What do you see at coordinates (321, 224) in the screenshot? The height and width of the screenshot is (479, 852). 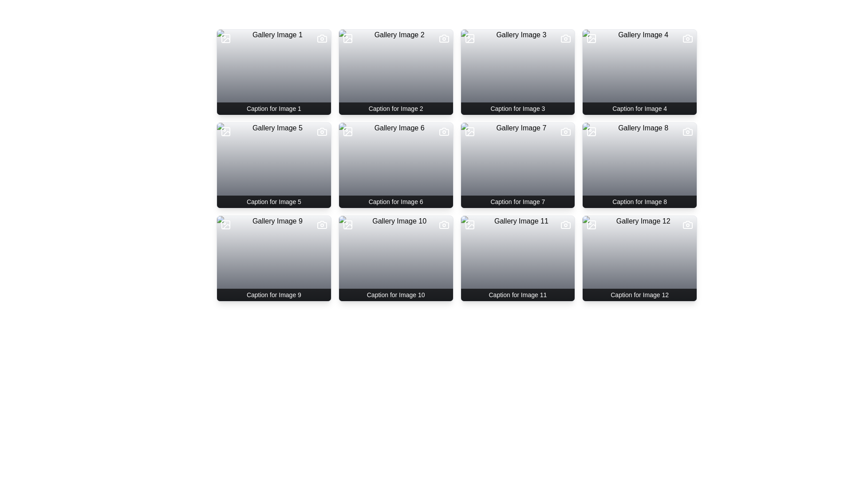 I see `the icon button located at the top-right corner of the card for 'Caption for Image 9', which serves as an action element for photo preview or editing` at bounding box center [321, 224].